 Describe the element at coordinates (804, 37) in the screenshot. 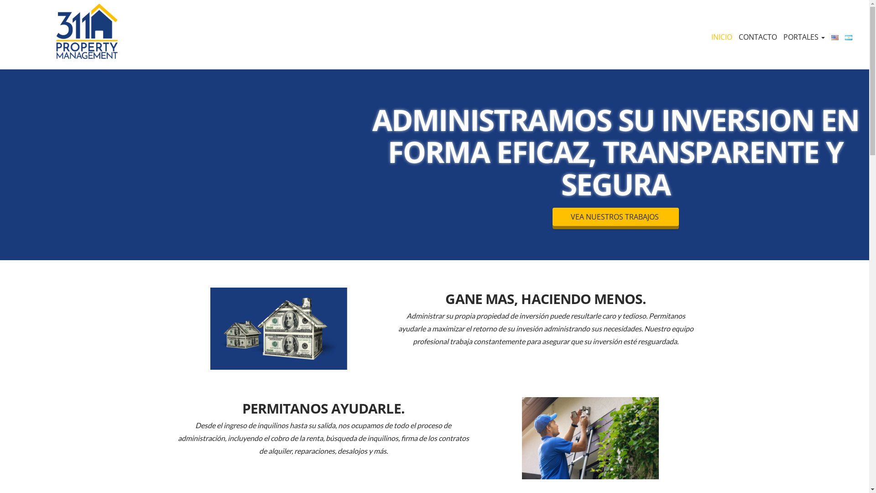

I see `'PORTALES'` at that location.